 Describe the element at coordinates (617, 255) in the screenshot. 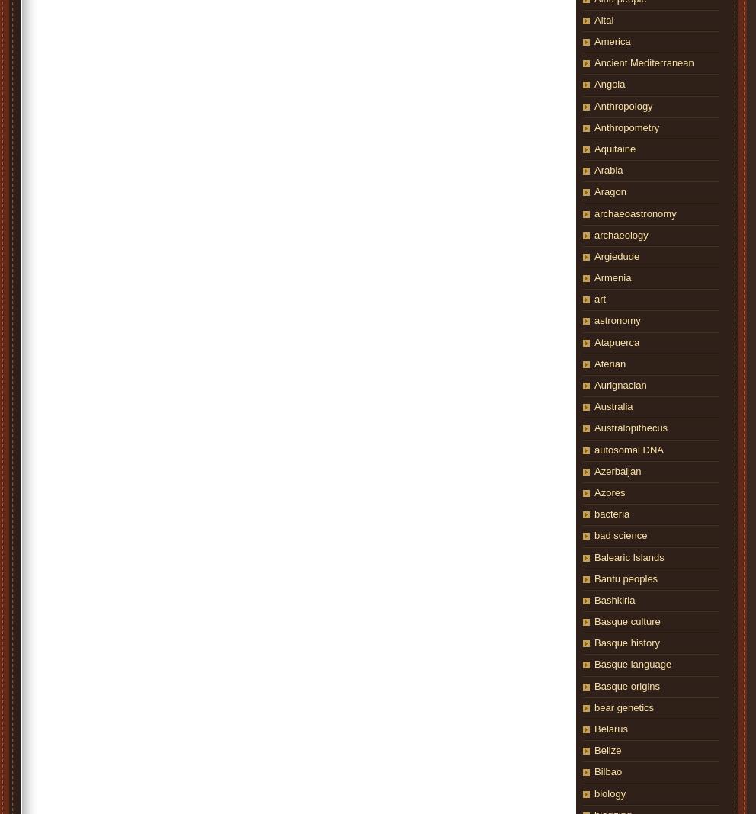

I see `'Argiedude'` at that location.